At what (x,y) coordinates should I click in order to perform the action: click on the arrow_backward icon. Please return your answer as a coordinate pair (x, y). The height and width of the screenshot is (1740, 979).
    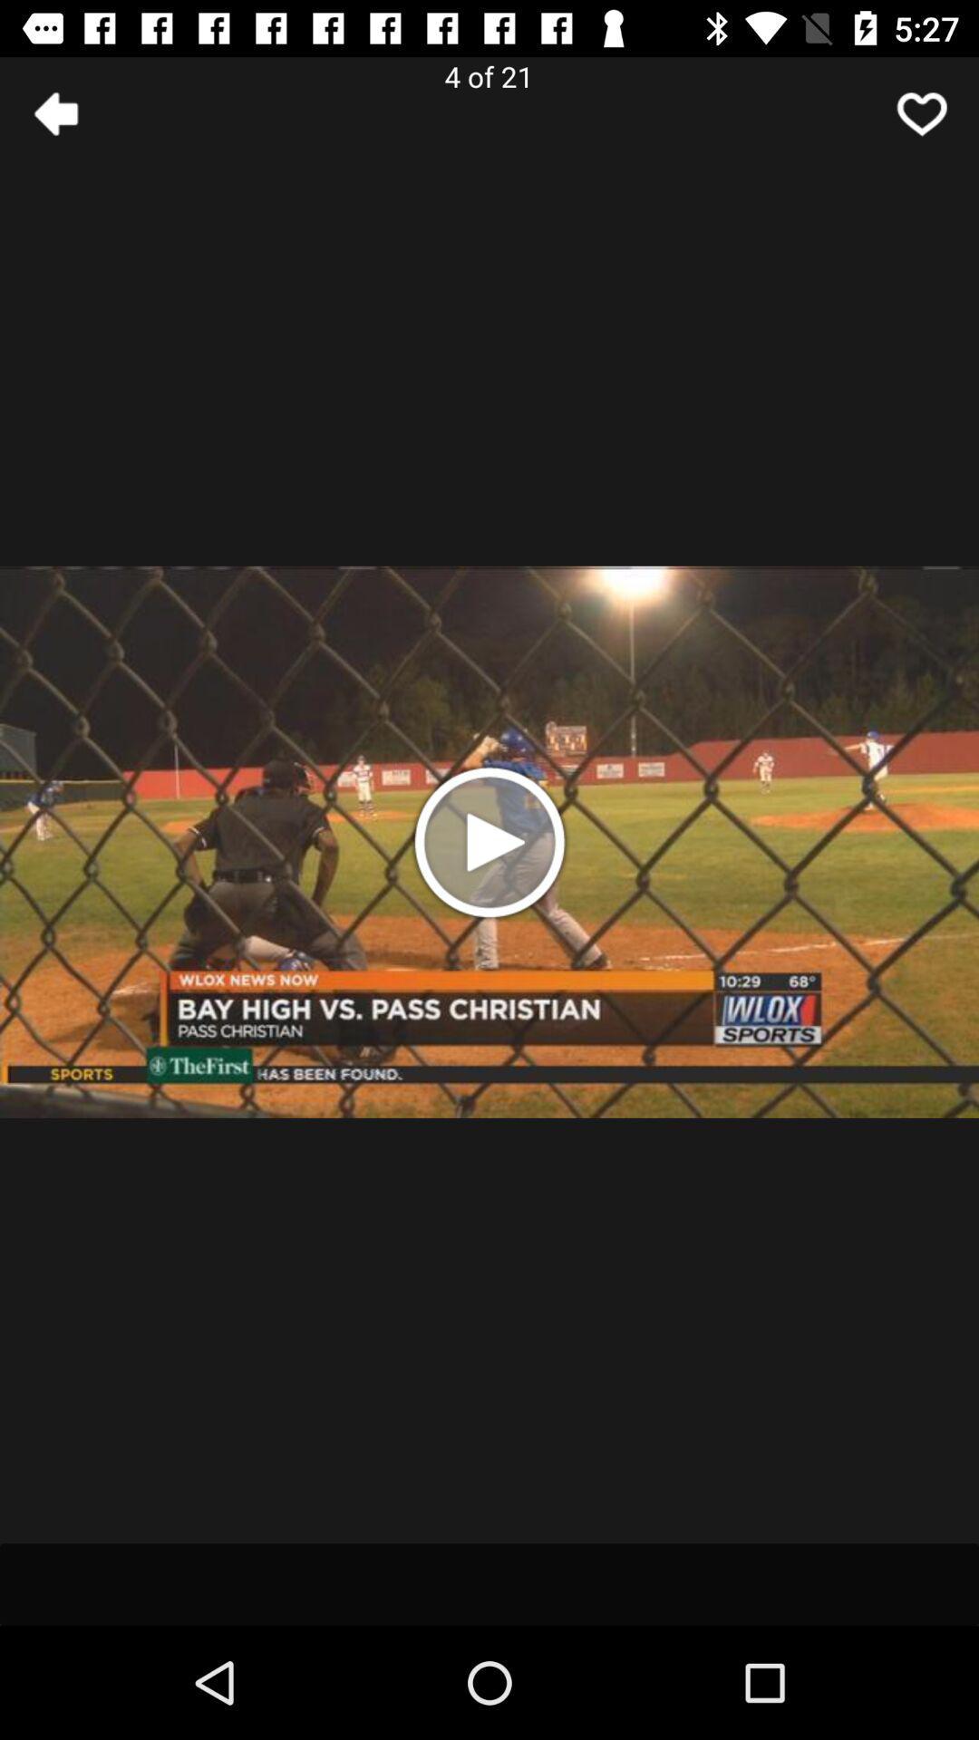
    Looking at the image, I should click on (55, 112).